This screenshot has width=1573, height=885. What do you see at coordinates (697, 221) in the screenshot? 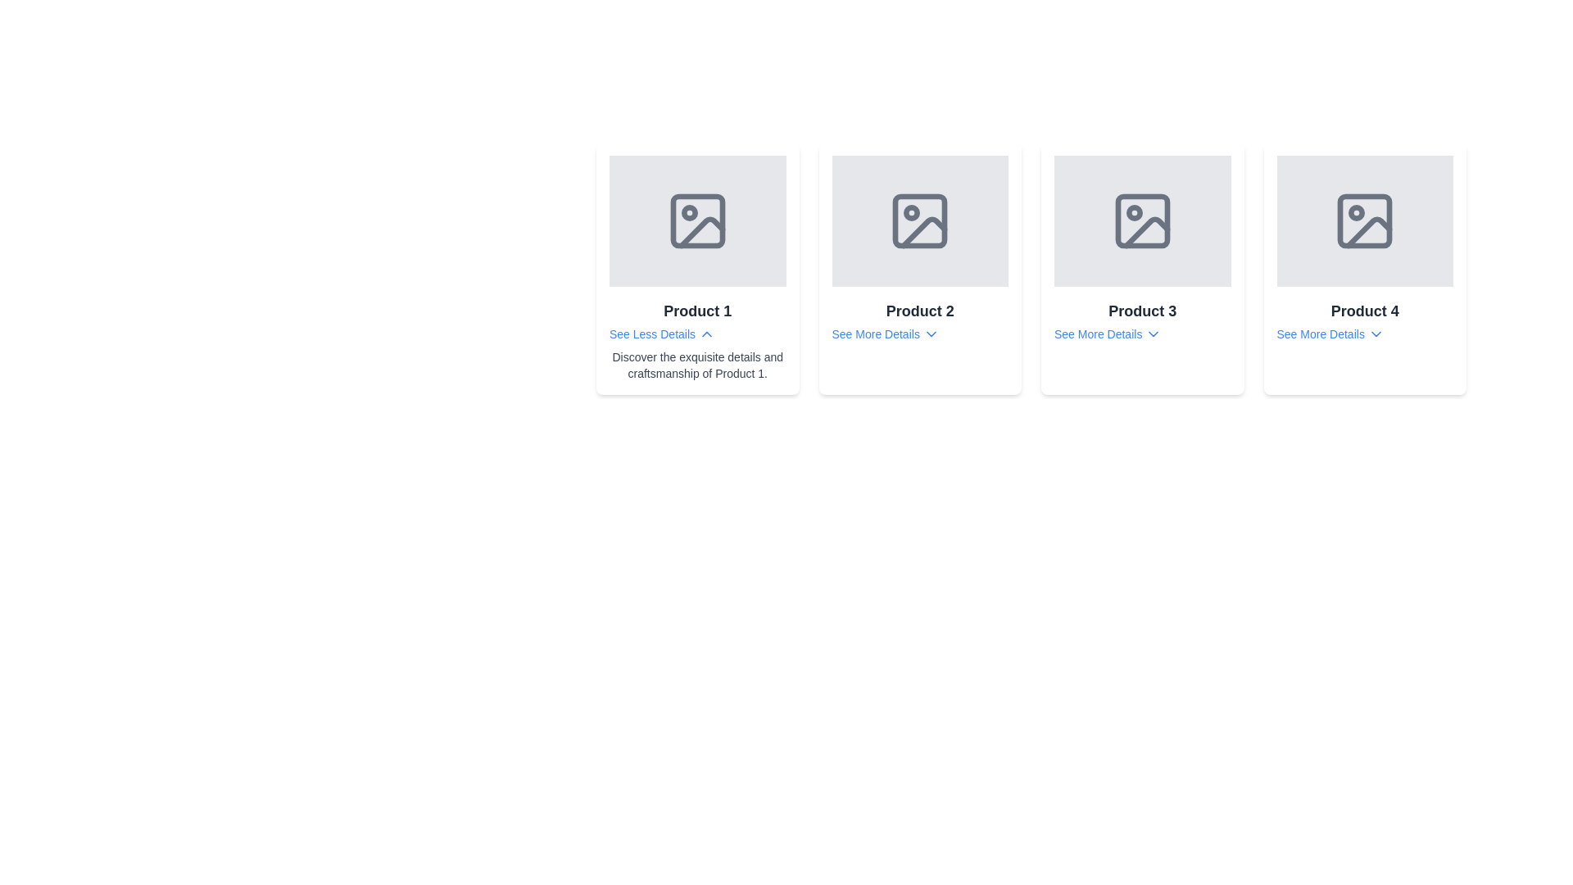
I see `the Image Placeholder located at the top section of the 'Product 1' card, which has a light gray background and features a dark gray stylized mountain and sun icon` at bounding box center [697, 221].